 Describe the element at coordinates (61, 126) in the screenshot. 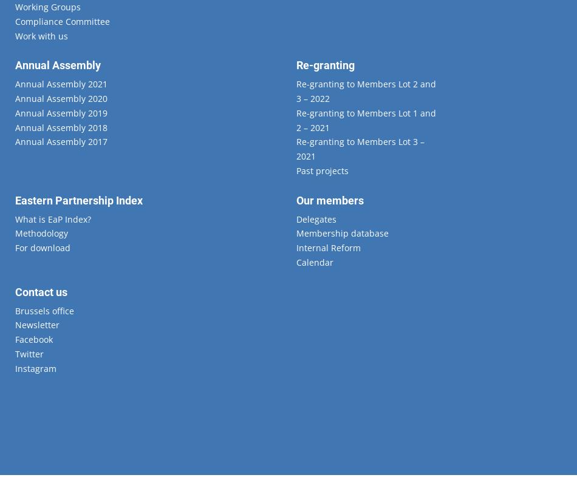

I see `'Annual Assembly 2018'` at that location.